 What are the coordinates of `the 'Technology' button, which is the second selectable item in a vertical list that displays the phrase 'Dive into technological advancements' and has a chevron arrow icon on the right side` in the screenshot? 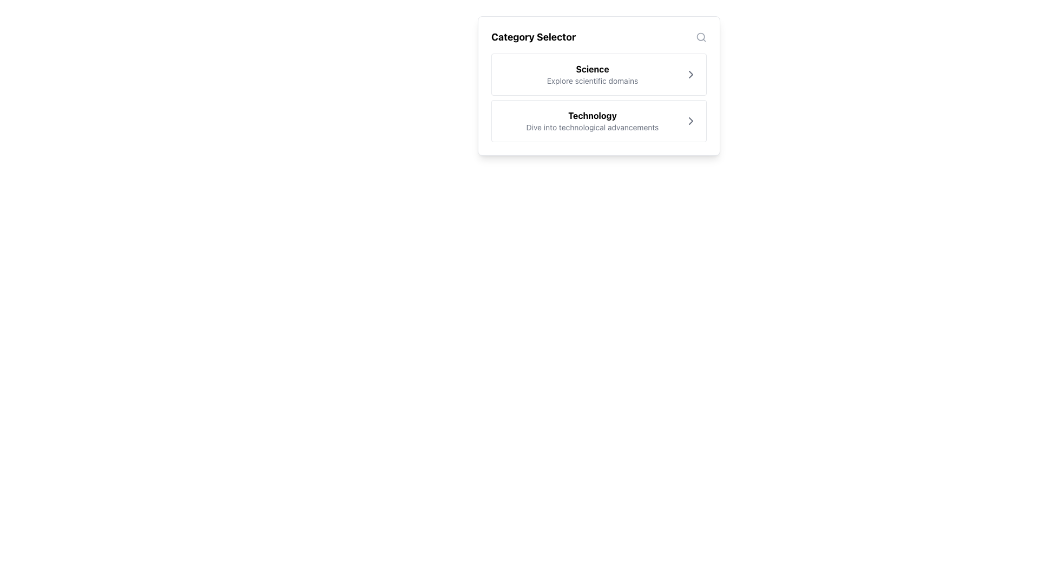 It's located at (599, 121).